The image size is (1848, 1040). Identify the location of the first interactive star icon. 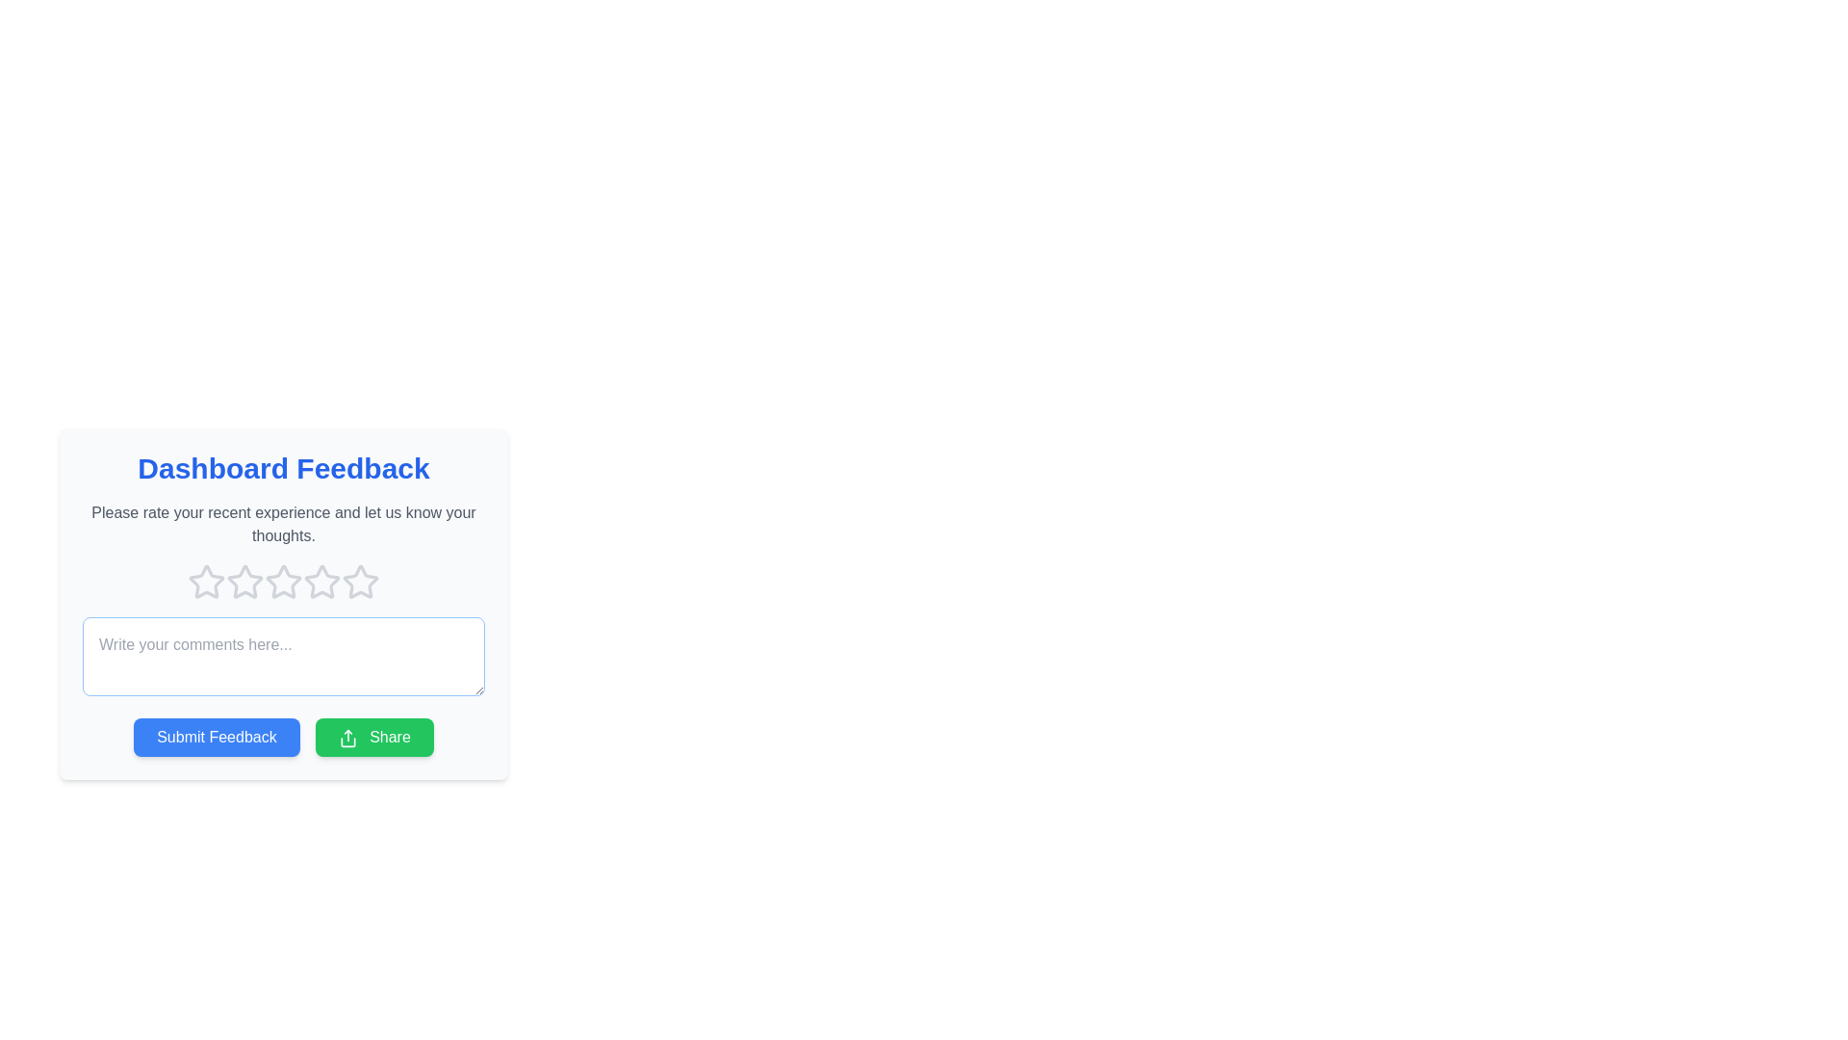
(206, 581).